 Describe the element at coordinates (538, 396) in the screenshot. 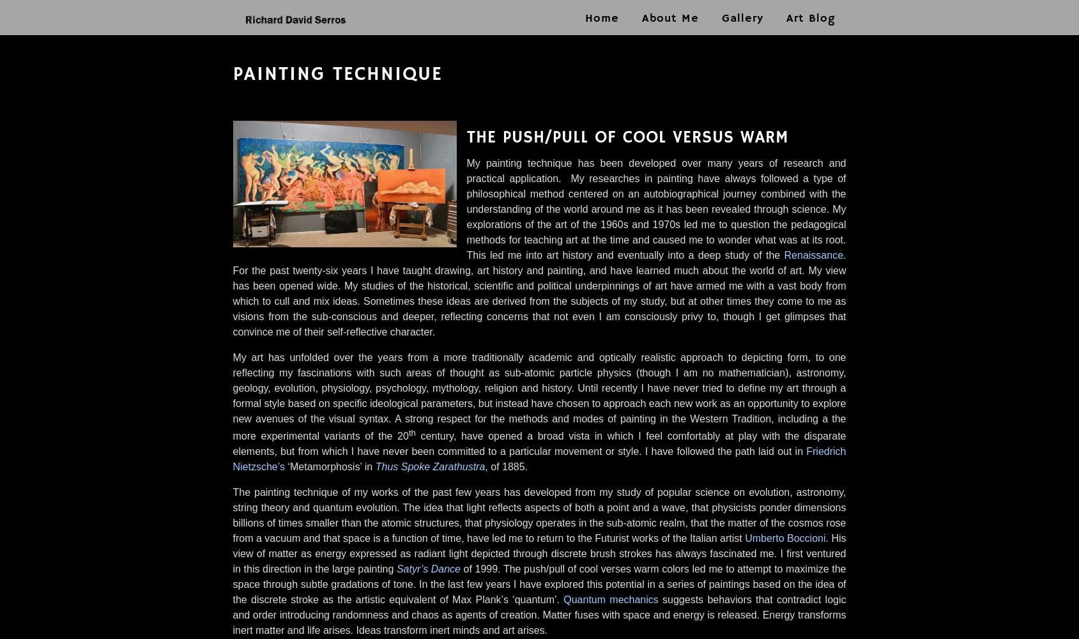

I see `'My art has unfolded over the years from a more traditionally academic and optically realistic approach to depicting form, to one reflecting my fascinations with such areas of thought as sub-atomic particle physics (though I am no mathematician), astronomy, geology, evolution, physiology, psychology, mythology, religion and history. Until recently I have never tried to define my art through a formal style based on specific ideological parameters, but instead have chosen to approach each new work as an opportunity to explore new avenues of the visual syntax. A strong respect for the methods and modes of painting in the Western Tradition, including a the more experimental variants of the 20'` at that location.